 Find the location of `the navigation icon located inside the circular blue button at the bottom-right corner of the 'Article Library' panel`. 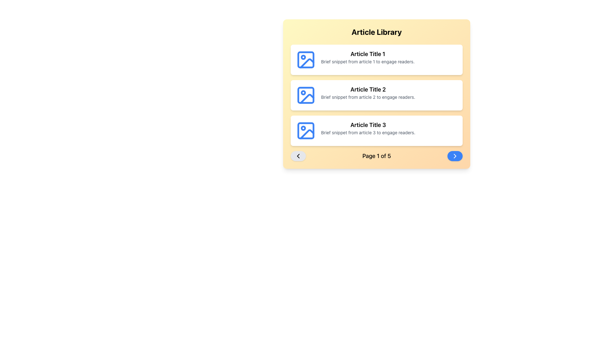

the navigation icon located inside the circular blue button at the bottom-right corner of the 'Article Library' panel is located at coordinates (454, 156).